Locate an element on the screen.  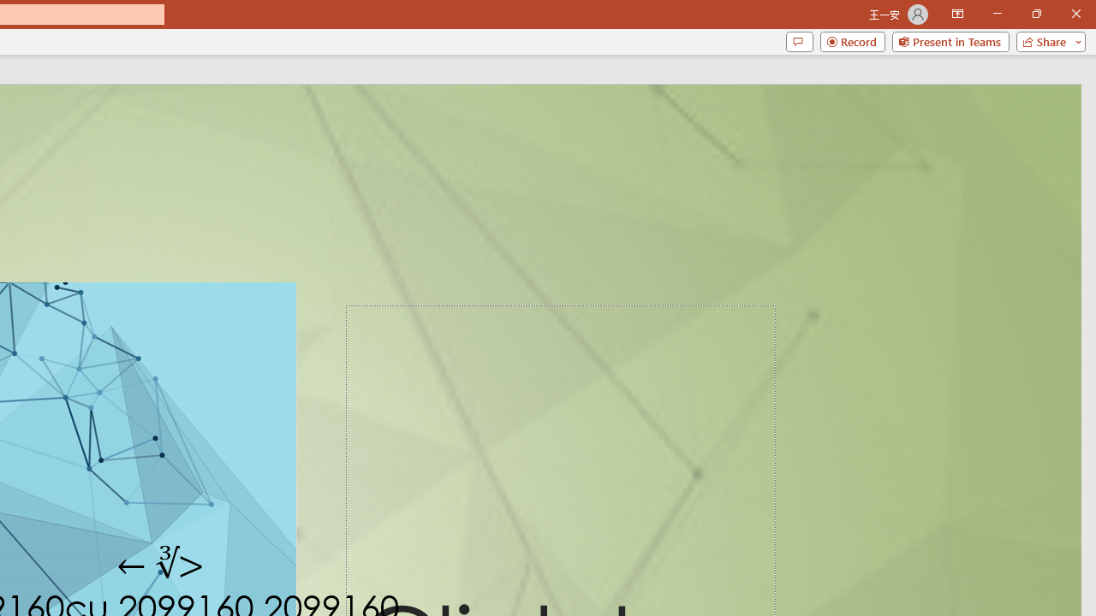
'Share' is located at coordinates (1046, 40).